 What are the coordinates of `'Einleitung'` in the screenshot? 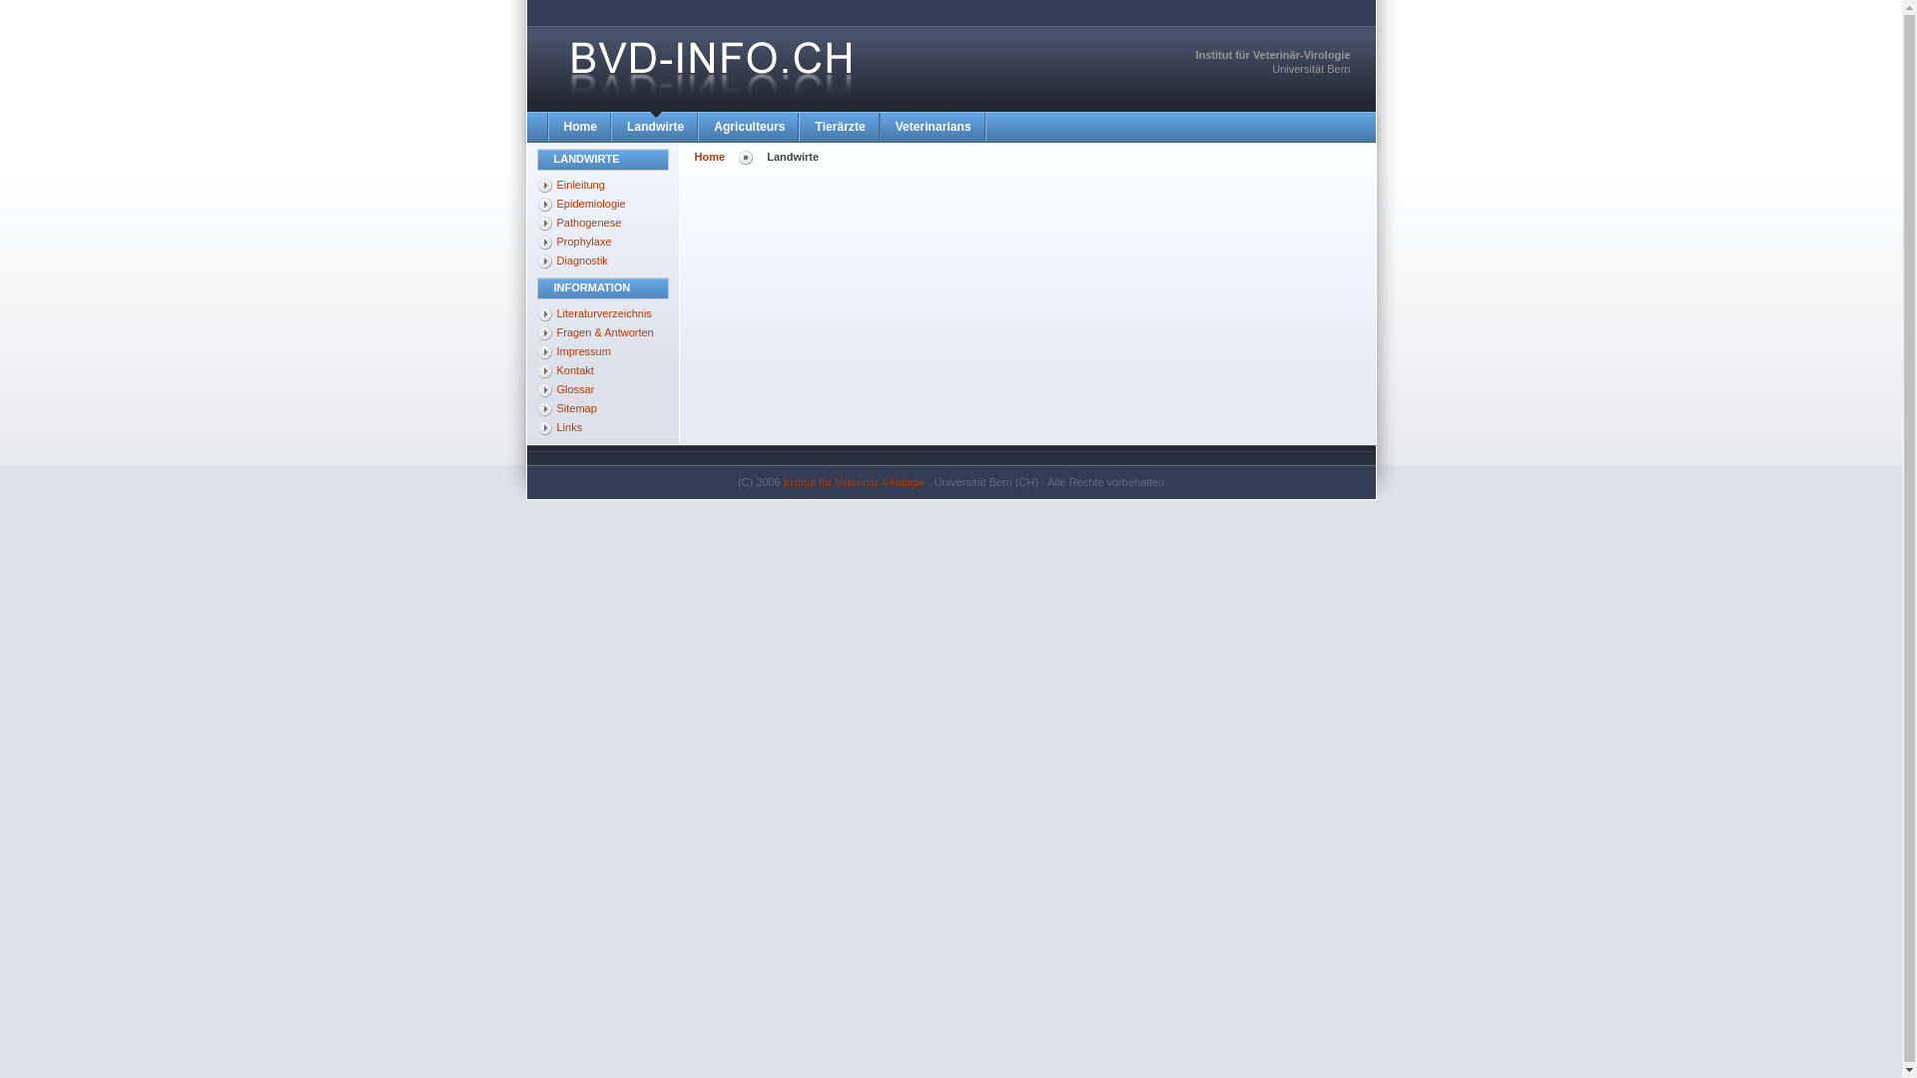 It's located at (536, 185).